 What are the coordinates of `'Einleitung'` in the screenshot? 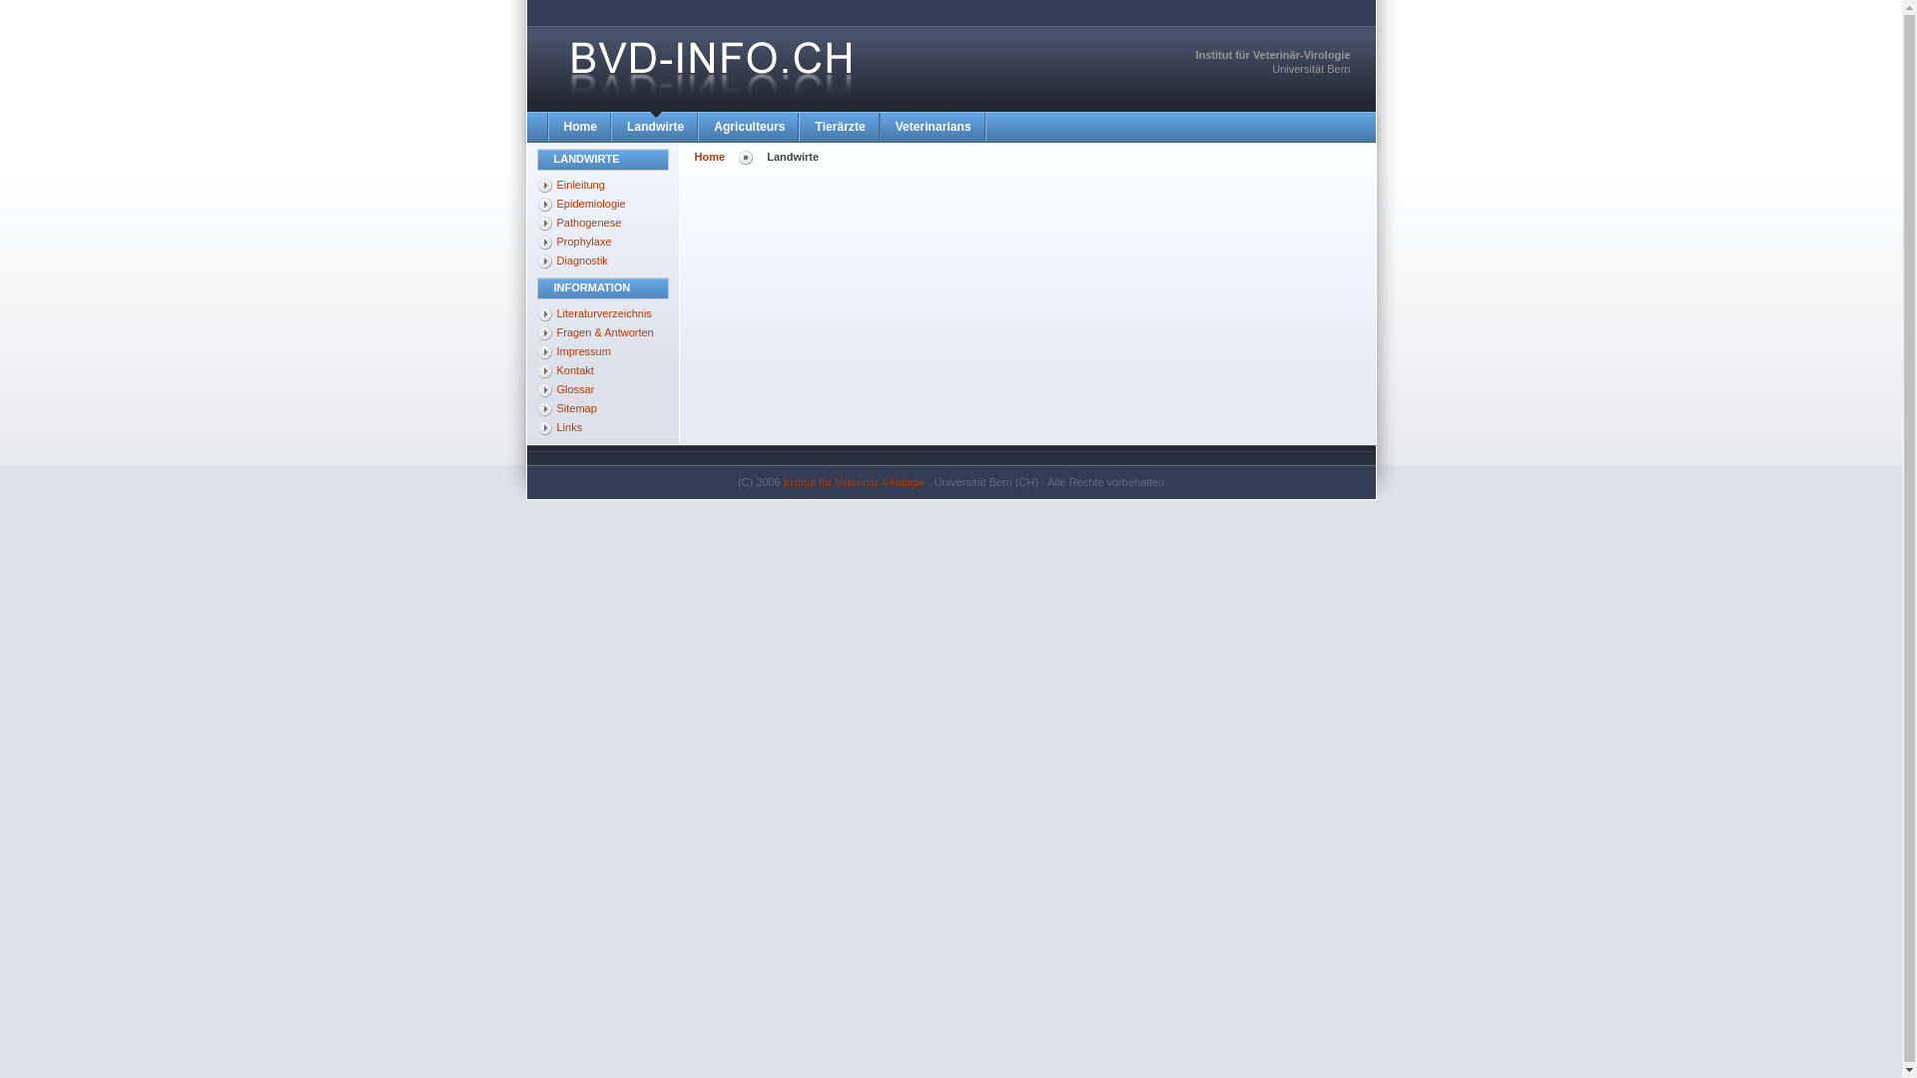 It's located at (536, 185).